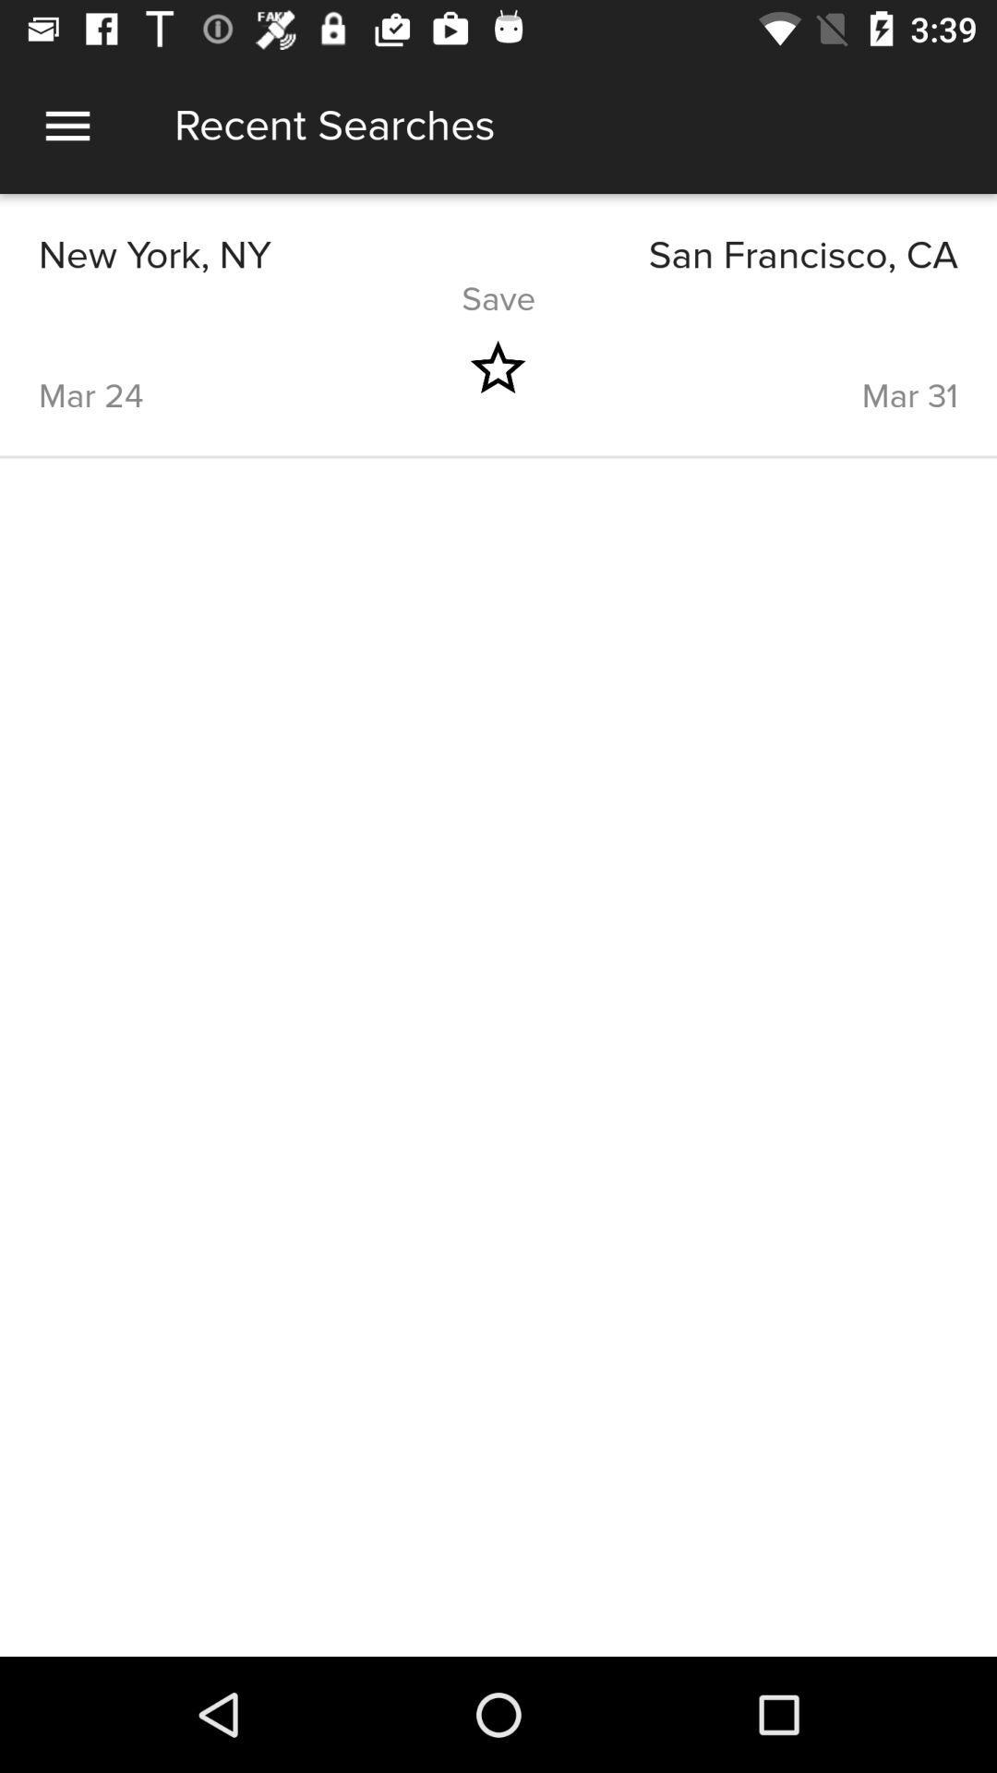 Image resolution: width=997 pixels, height=1773 pixels. Describe the element at coordinates (727, 255) in the screenshot. I see `icon to the right of new york, ny icon` at that location.